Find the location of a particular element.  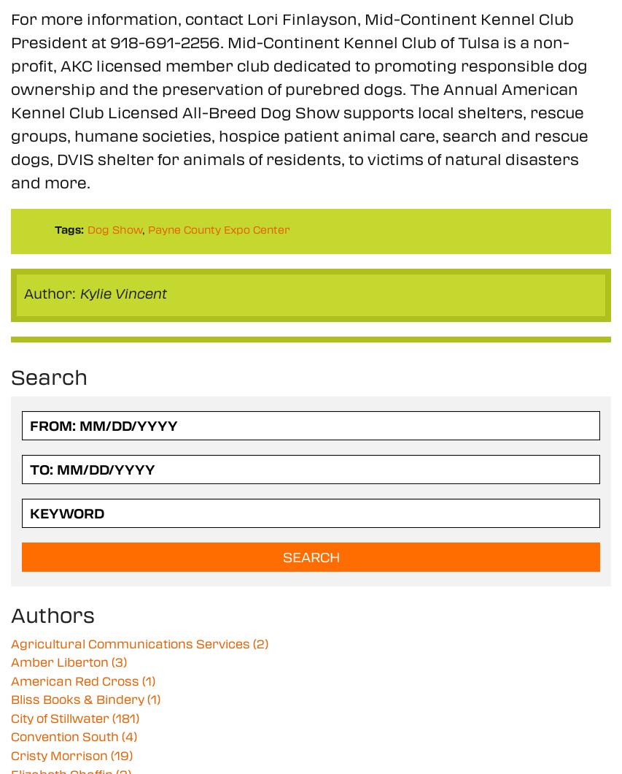

'Payne County Expo Center' is located at coordinates (219, 229).